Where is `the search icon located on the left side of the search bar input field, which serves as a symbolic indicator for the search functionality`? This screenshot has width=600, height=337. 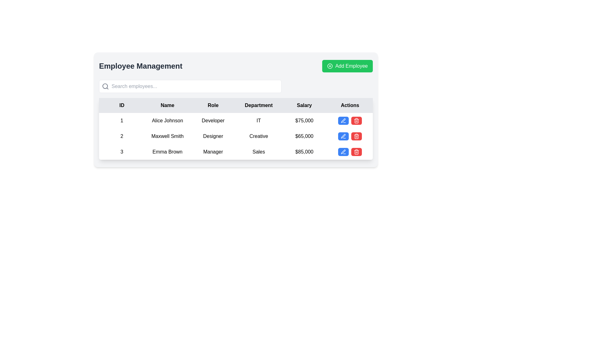 the search icon located on the left side of the search bar input field, which serves as a symbolic indicator for the search functionality is located at coordinates (105, 86).